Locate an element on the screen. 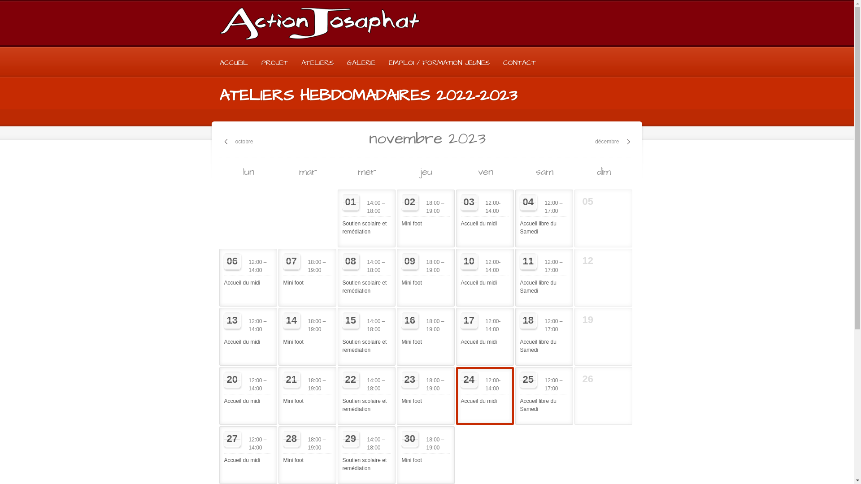 The width and height of the screenshot is (861, 484). 'ACCUEIL' is located at coordinates (233, 62).